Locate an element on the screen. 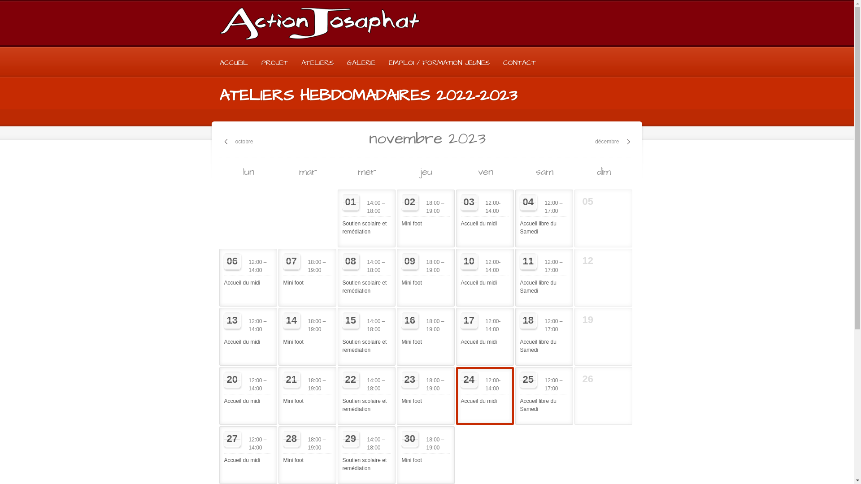 The width and height of the screenshot is (861, 484). 'ACCUEIL' is located at coordinates (233, 62).